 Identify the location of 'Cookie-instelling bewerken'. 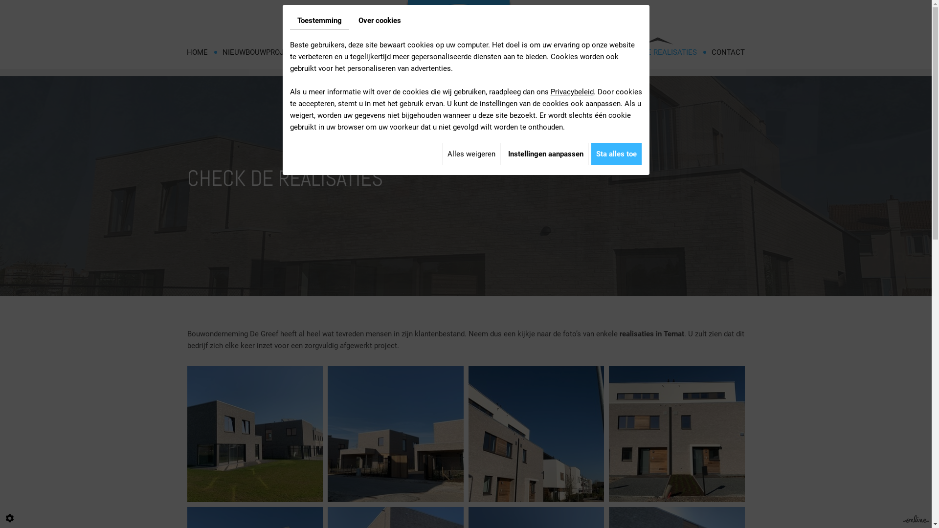
(9, 518).